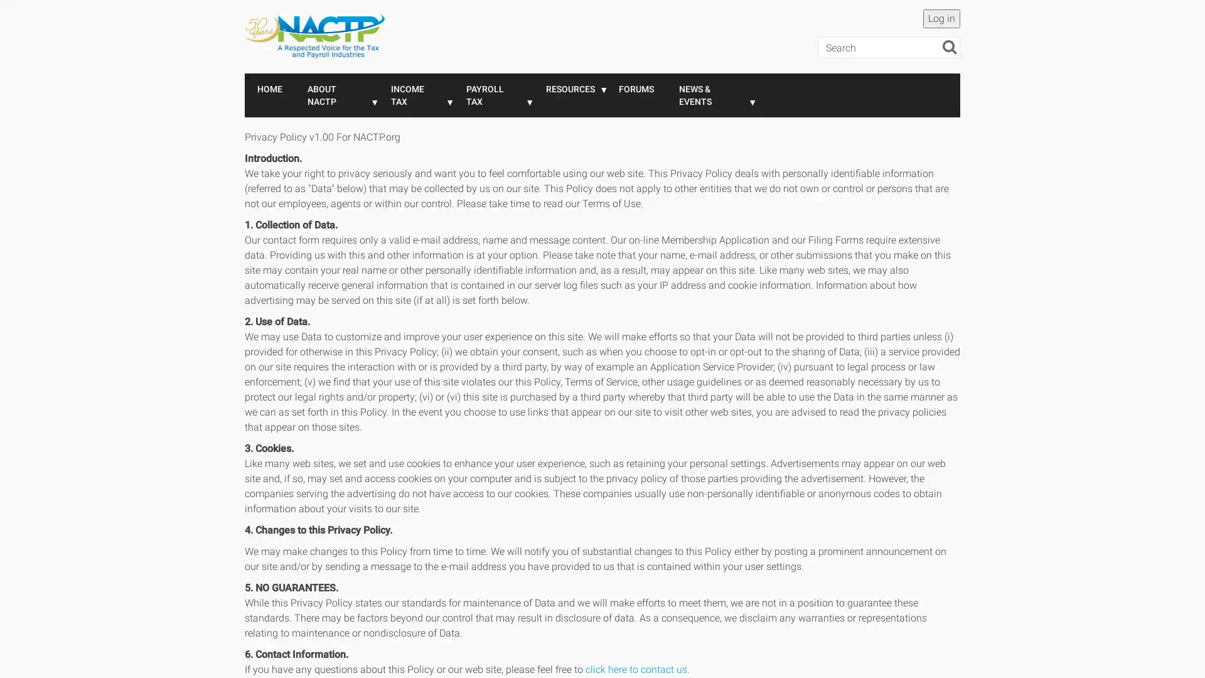  Describe the element at coordinates (941, 19) in the screenshot. I see `Log in` at that location.